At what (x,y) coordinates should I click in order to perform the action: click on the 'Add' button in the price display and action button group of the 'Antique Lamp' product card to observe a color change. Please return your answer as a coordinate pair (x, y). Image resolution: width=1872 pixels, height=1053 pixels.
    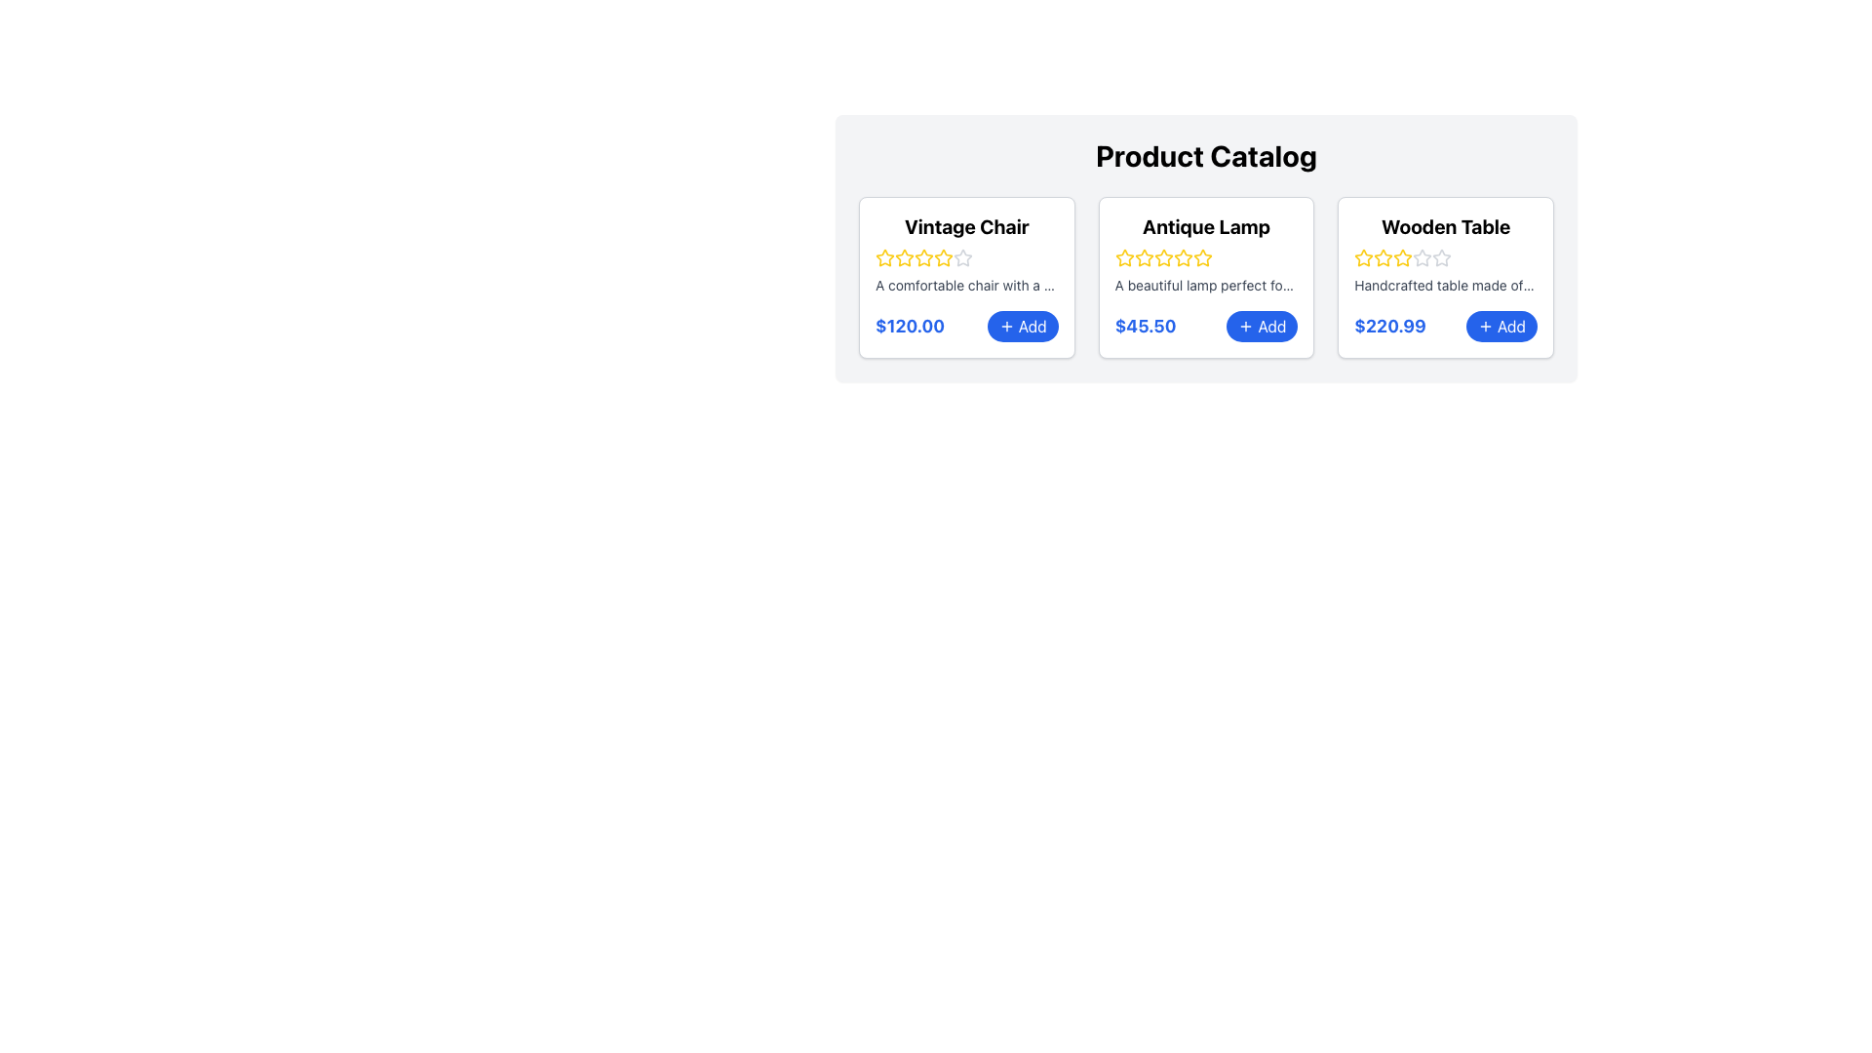
    Looking at the image, I should click on (1205, 326).